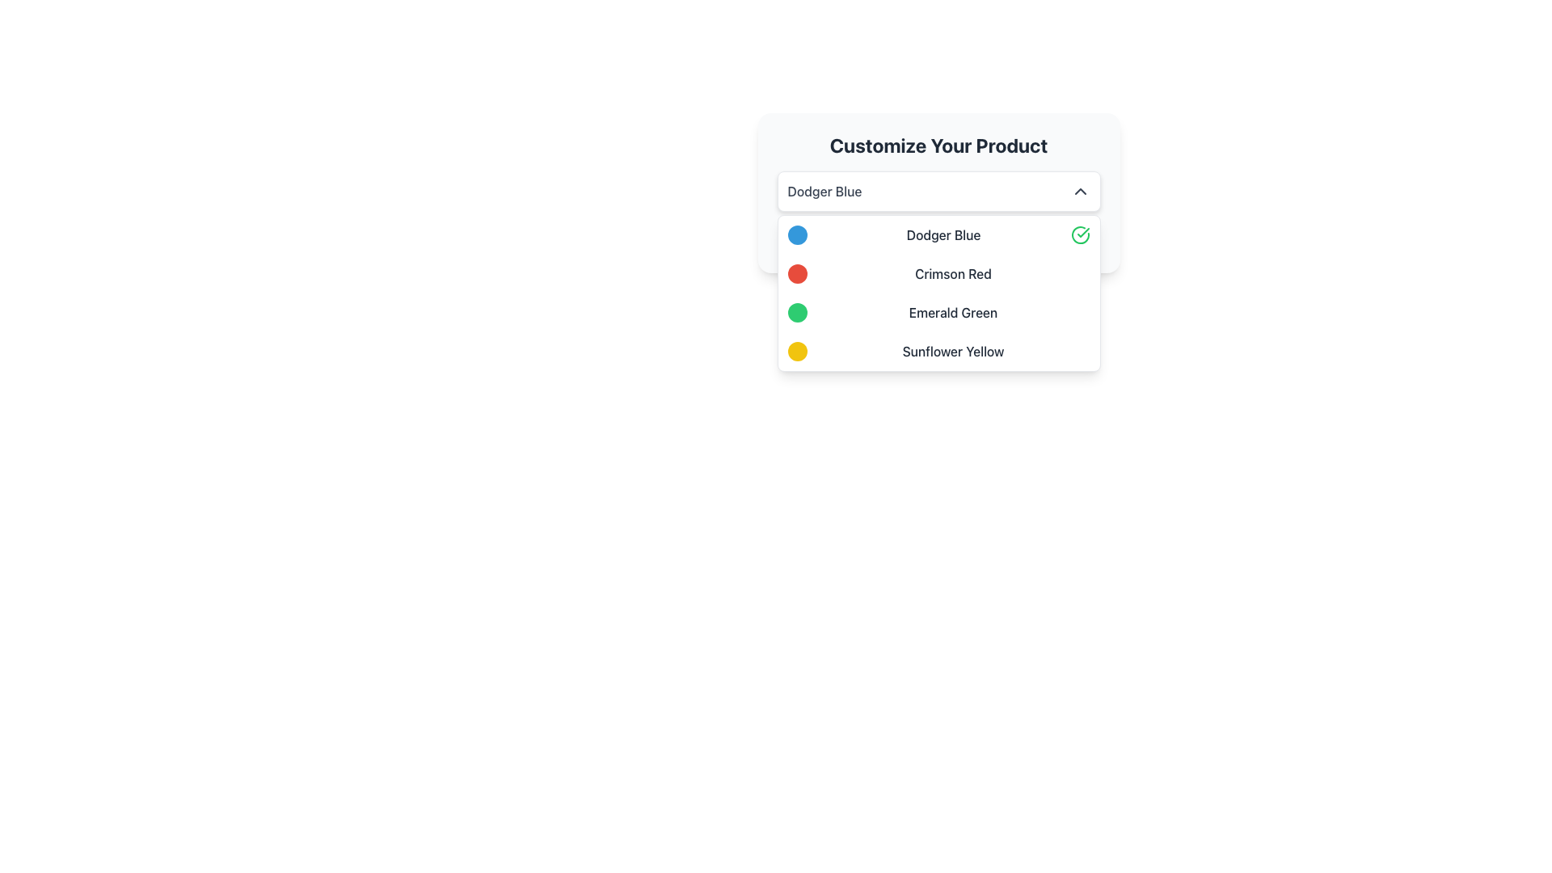 This screenshot has width=1552, height=873. I want to click on the Dropdown menu selector located under the title 'Customize Your Product', so click(938, 190).